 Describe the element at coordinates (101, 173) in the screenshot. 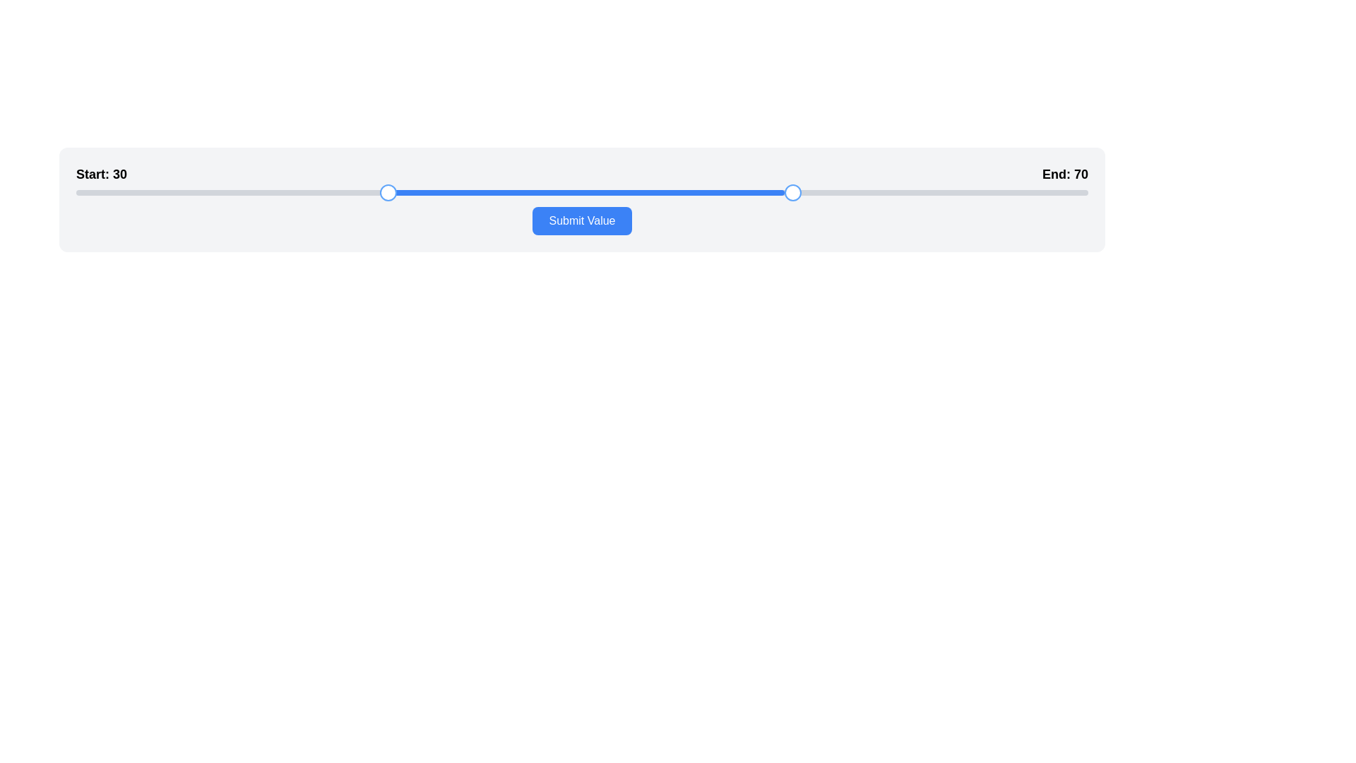

I see `the text label displaying 'Start: 30', which is aligned on the left side above the slider interface` at that location.